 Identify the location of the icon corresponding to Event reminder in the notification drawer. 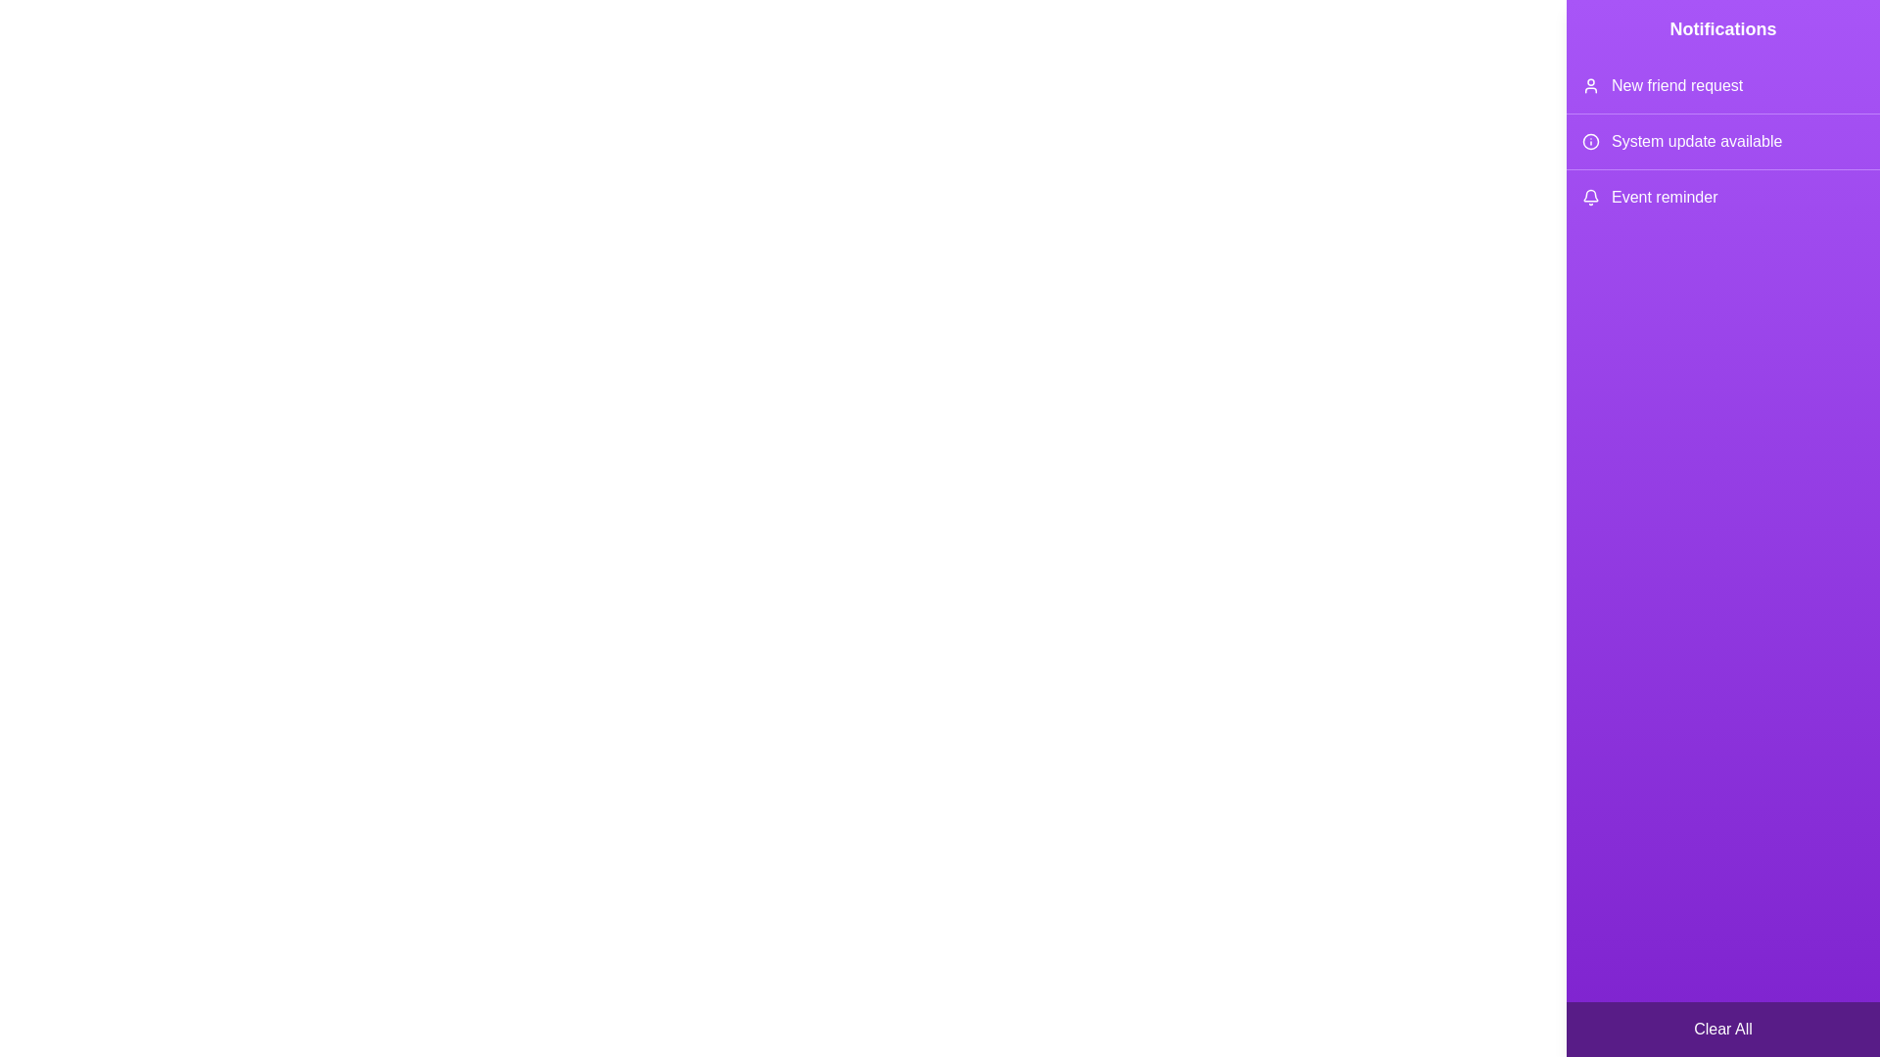
(1591, 197).